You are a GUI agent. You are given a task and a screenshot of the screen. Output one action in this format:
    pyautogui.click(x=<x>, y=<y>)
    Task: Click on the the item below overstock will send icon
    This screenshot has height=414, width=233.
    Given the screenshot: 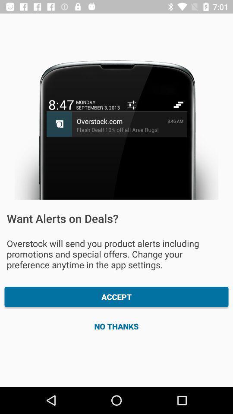 What is the action you would take?
    pyautogui.click(x=116, y=297)
    